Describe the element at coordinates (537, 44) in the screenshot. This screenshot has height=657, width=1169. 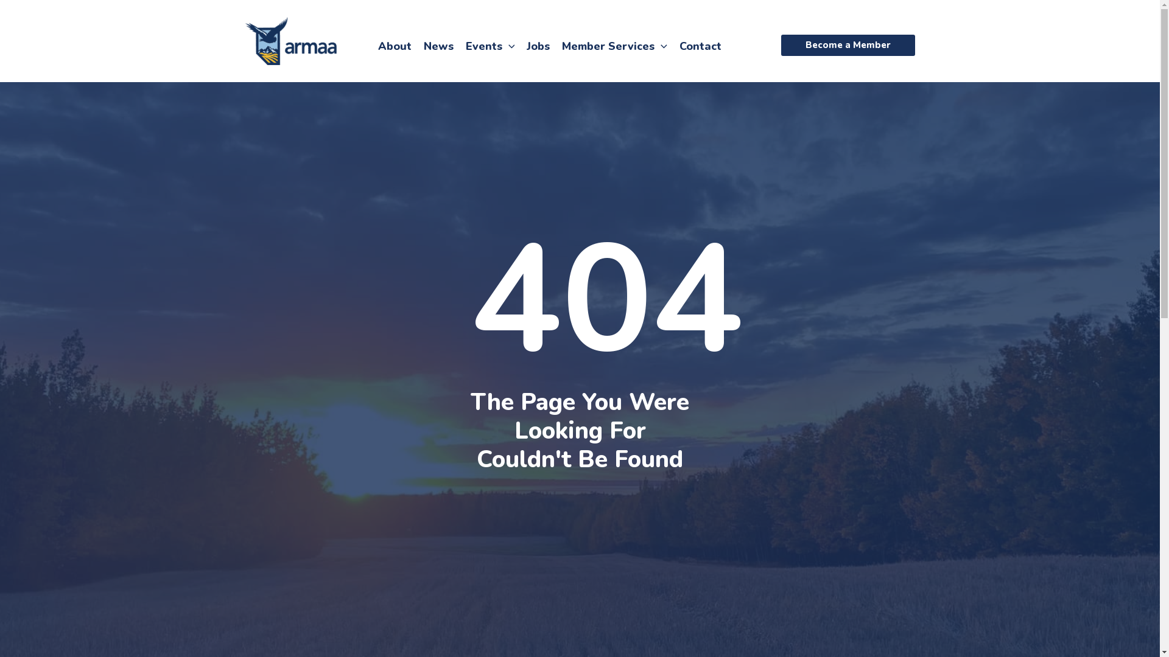
I see `'Jobs'` at that location.